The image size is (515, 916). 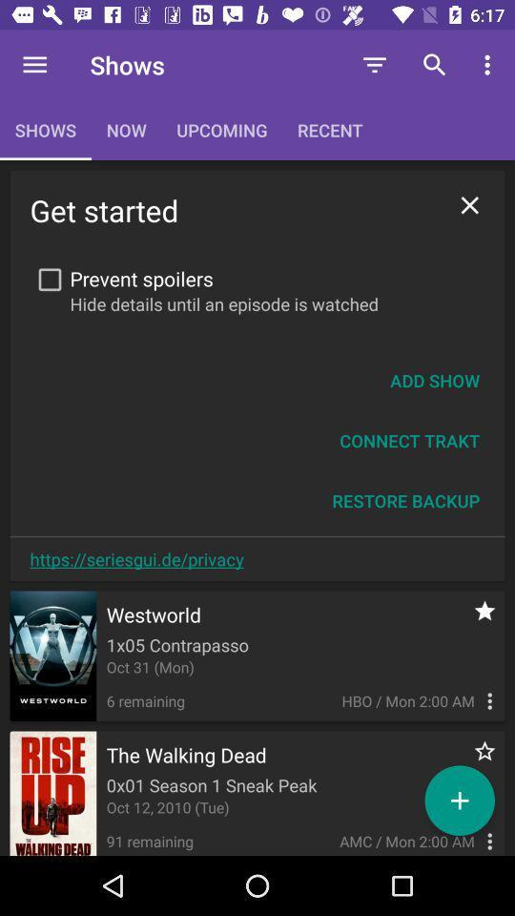 What do you see at coordinates (473, 760) in the screenshot?
I see `item next to the the walking dead icon` at bounding box center [473, 760].